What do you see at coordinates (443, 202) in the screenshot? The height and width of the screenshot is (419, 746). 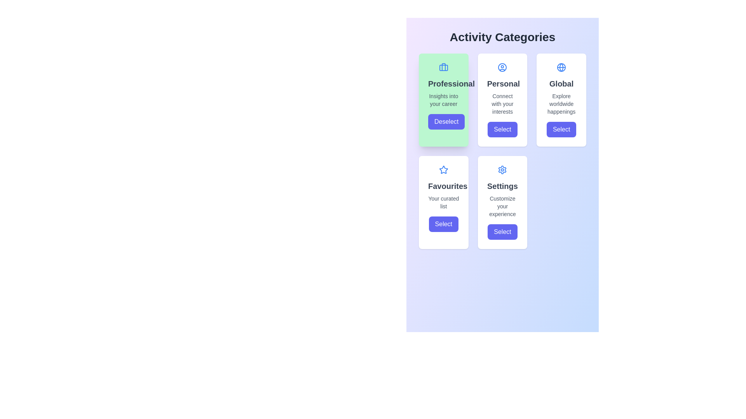 I see `the 'Select' button of the 'Favourites' category card located in the third row of the grid layout` at bounding box center [443, 202].